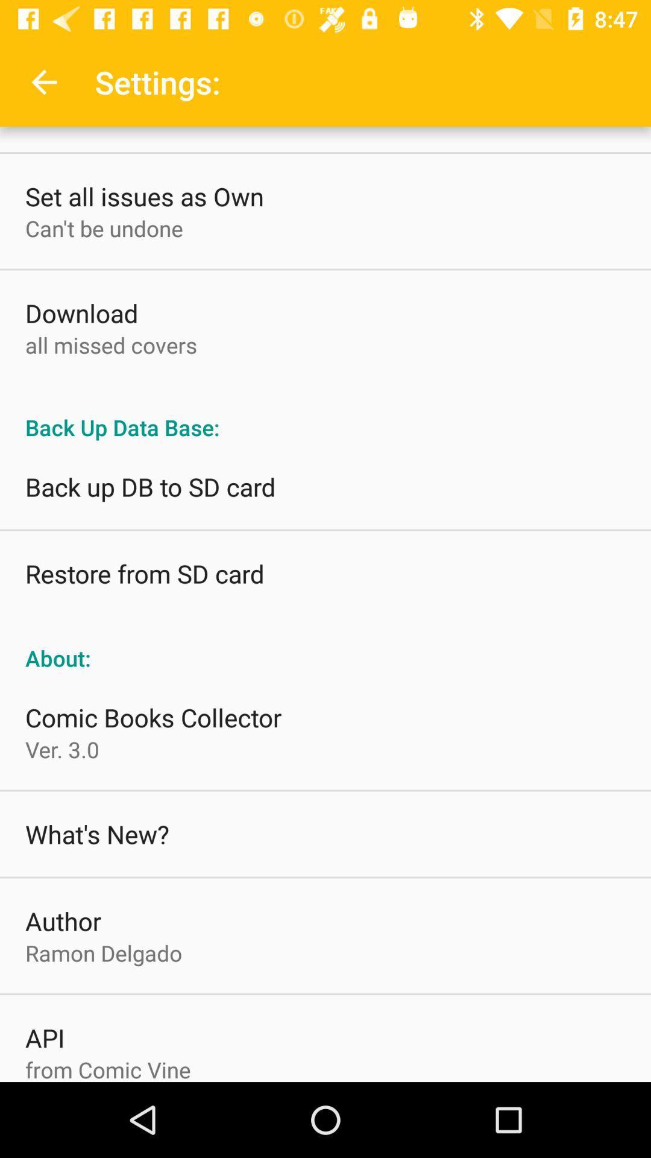  Describe the element at coordinates (81, 312) in the screenshot. I see `the download item` at that location.